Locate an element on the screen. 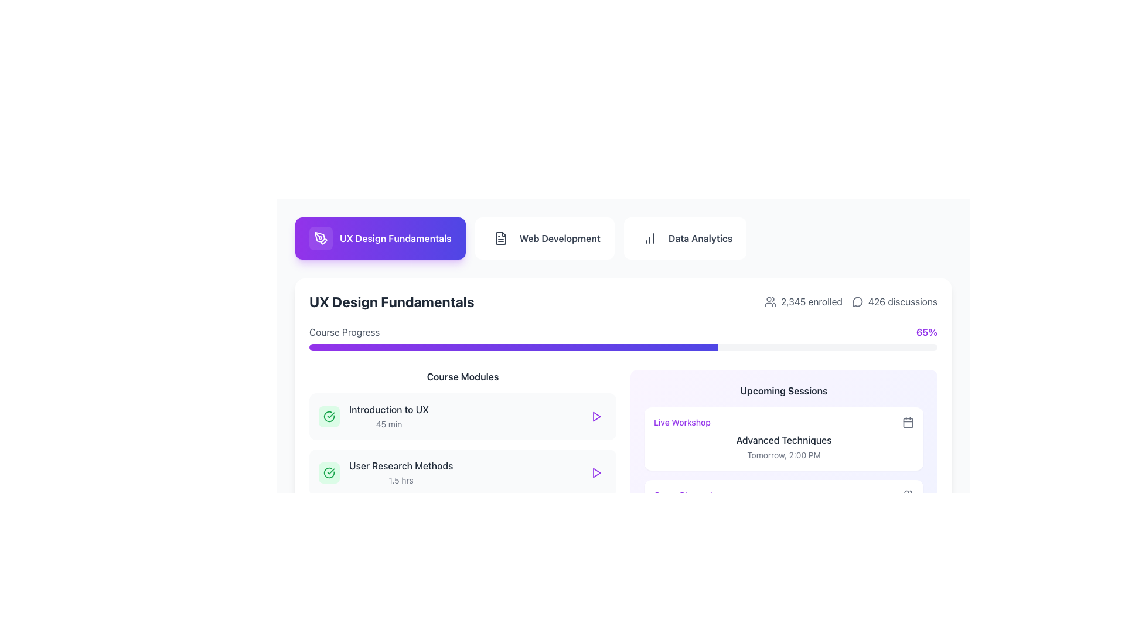 The image size is (1125, 633). the Information display showing user engagement metrics for the UX Design Fundamentals course is located at coordinates (851, 301).